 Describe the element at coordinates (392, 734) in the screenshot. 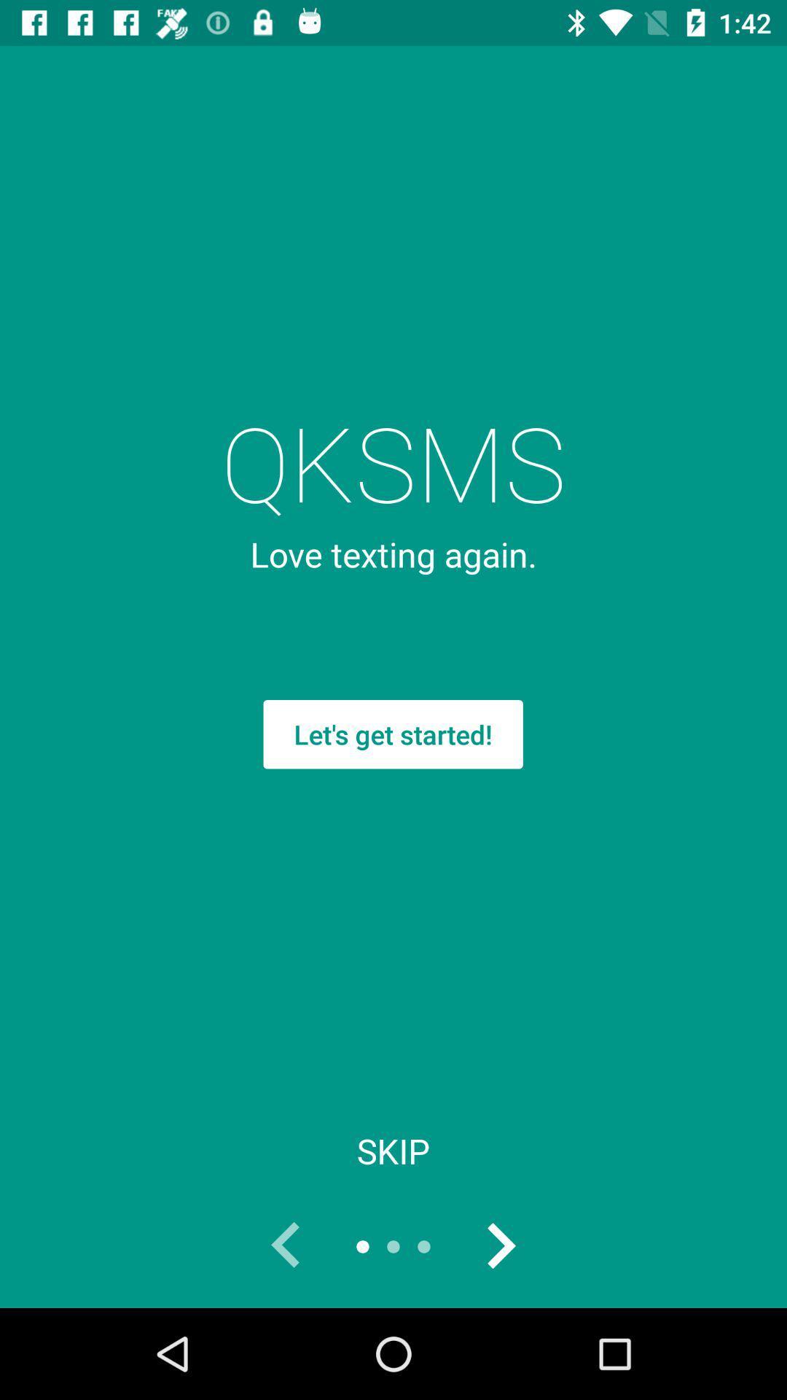

I see `icon above skip icon` at that location.